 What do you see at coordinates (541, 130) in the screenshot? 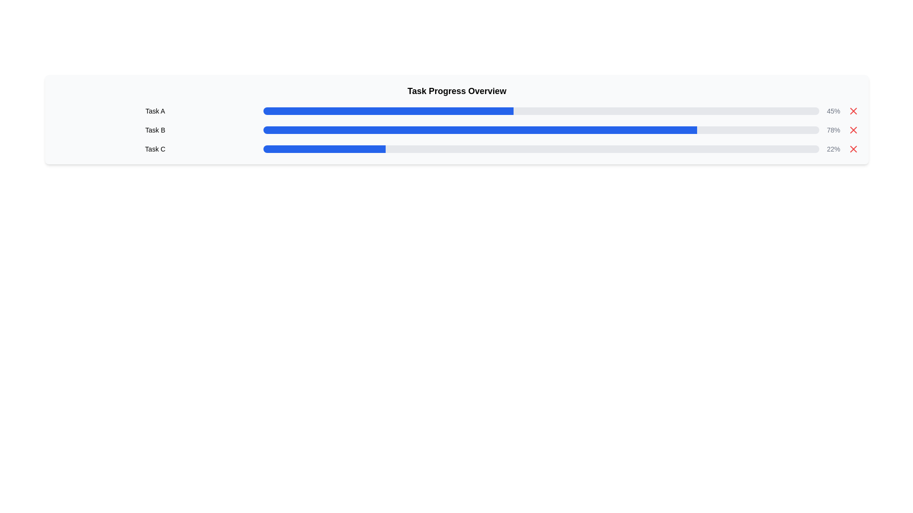
I see `the progress bar representing 'Task B,' which visually indicates 78% completion and is the second item in the list of progress bars` at bounding box center [541, 130].